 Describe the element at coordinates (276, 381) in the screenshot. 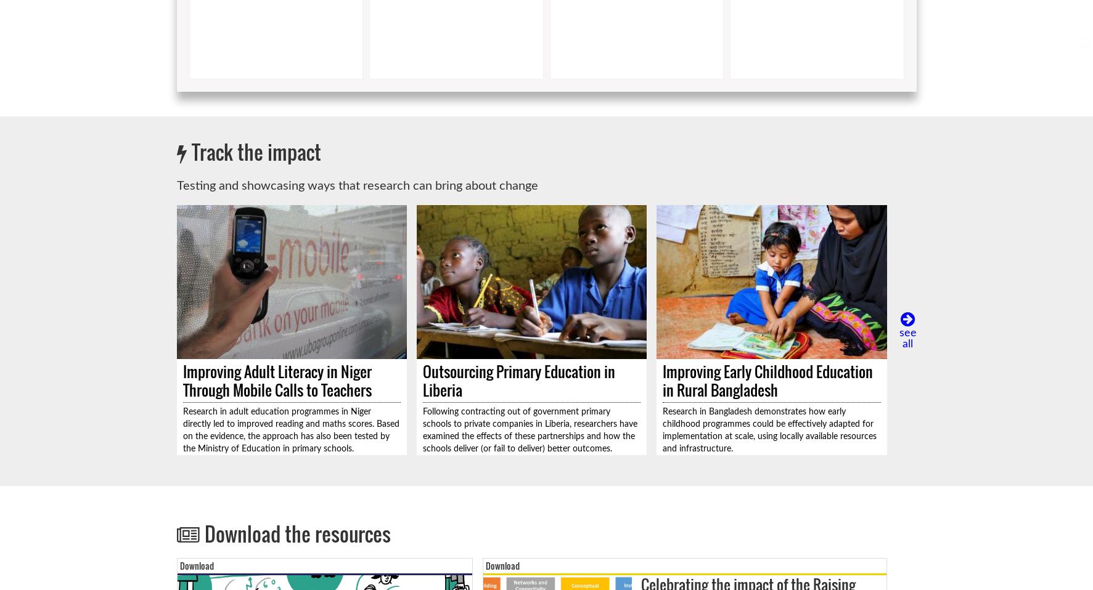

I see `'Improving Adult Literacy in Niger Through Mobile Calls to Teachers'` at that location.